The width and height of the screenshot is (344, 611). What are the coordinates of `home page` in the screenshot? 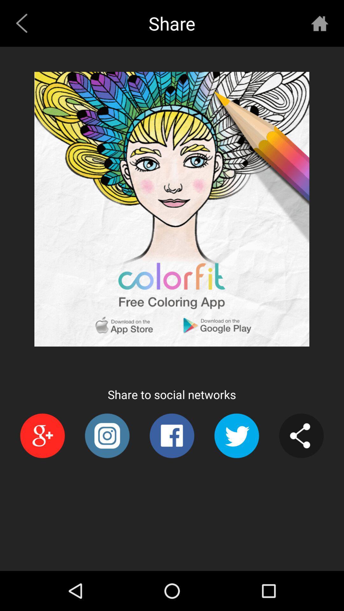 It's located at (319, 23).